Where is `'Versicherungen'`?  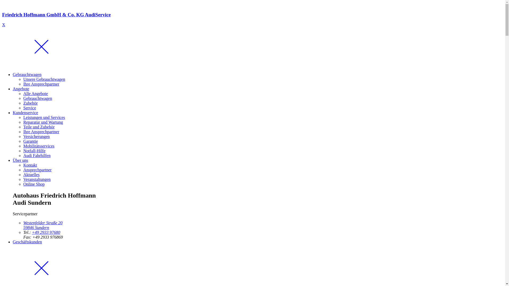
'Versicherungen' is located at coordinates (36, 136).